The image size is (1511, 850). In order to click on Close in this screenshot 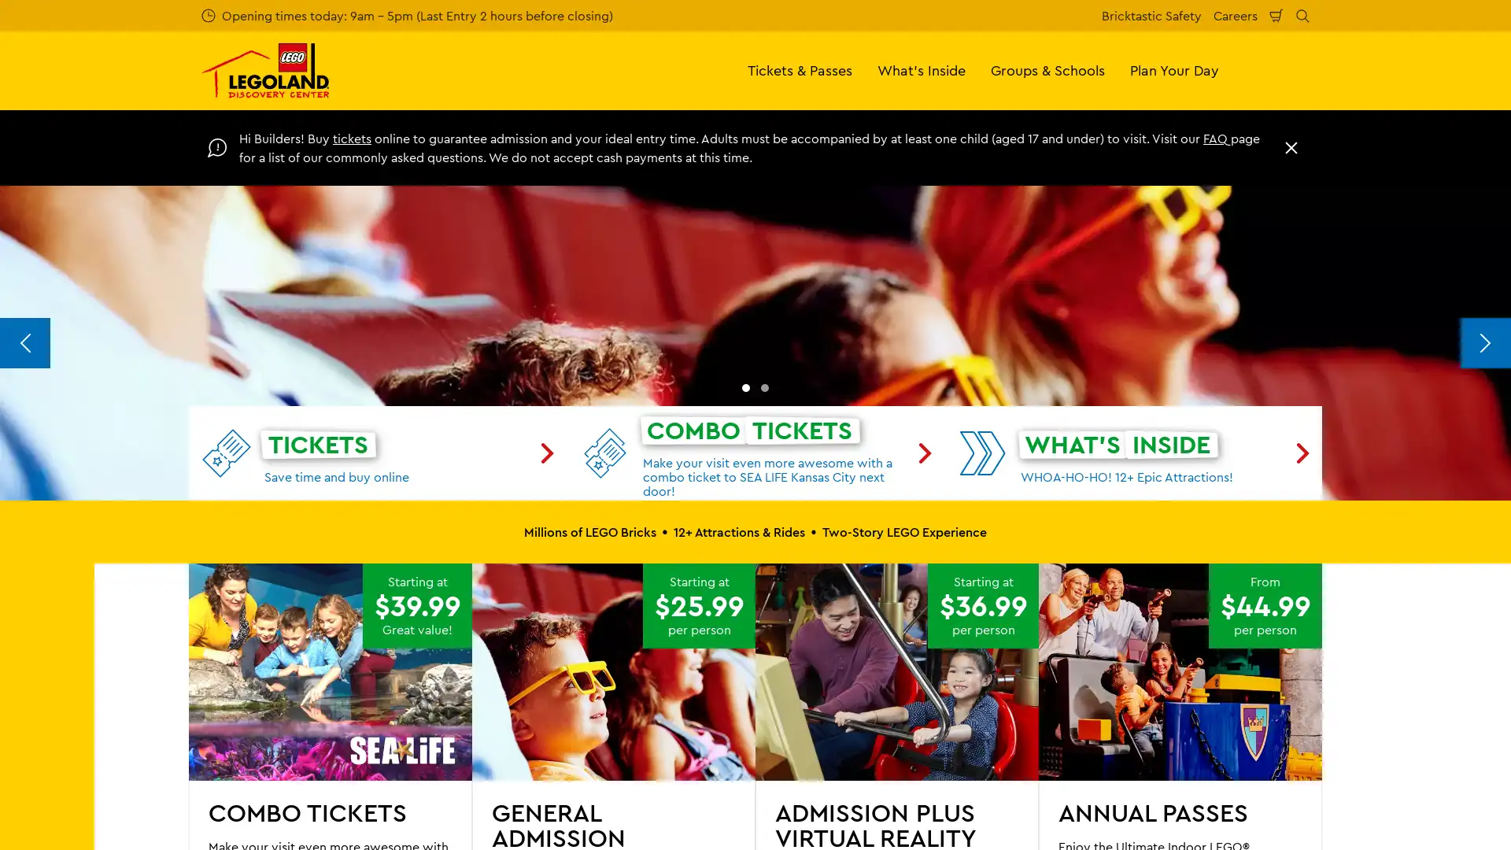, I will do `click(1291, 148)`.